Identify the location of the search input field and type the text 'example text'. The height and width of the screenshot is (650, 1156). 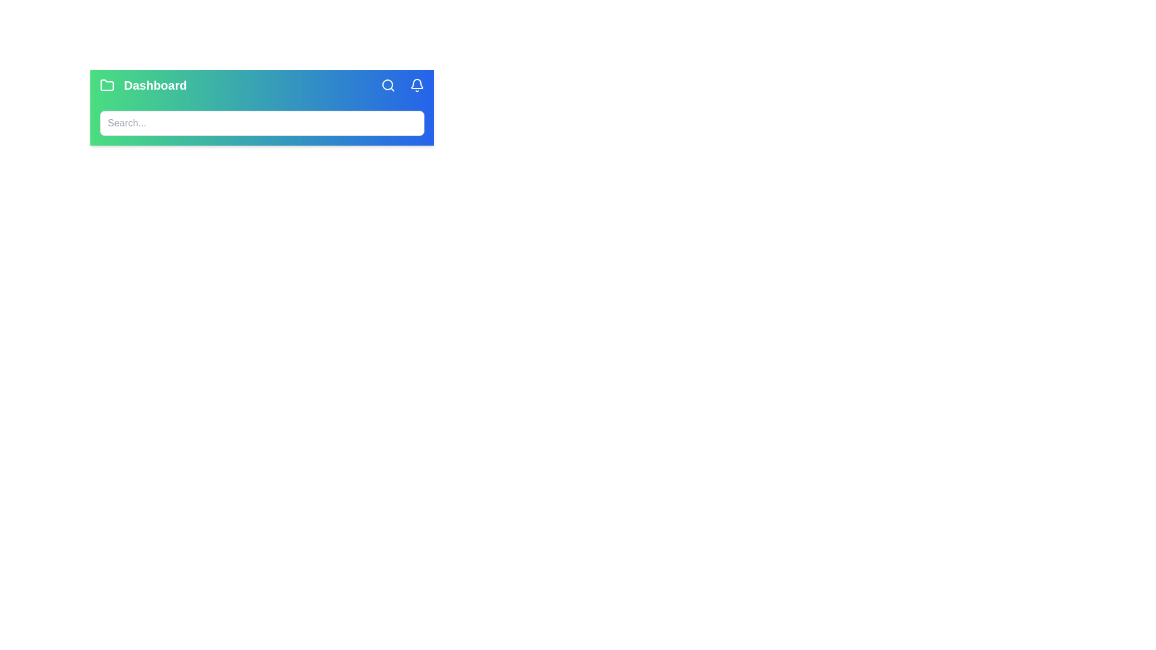
(261, 123).